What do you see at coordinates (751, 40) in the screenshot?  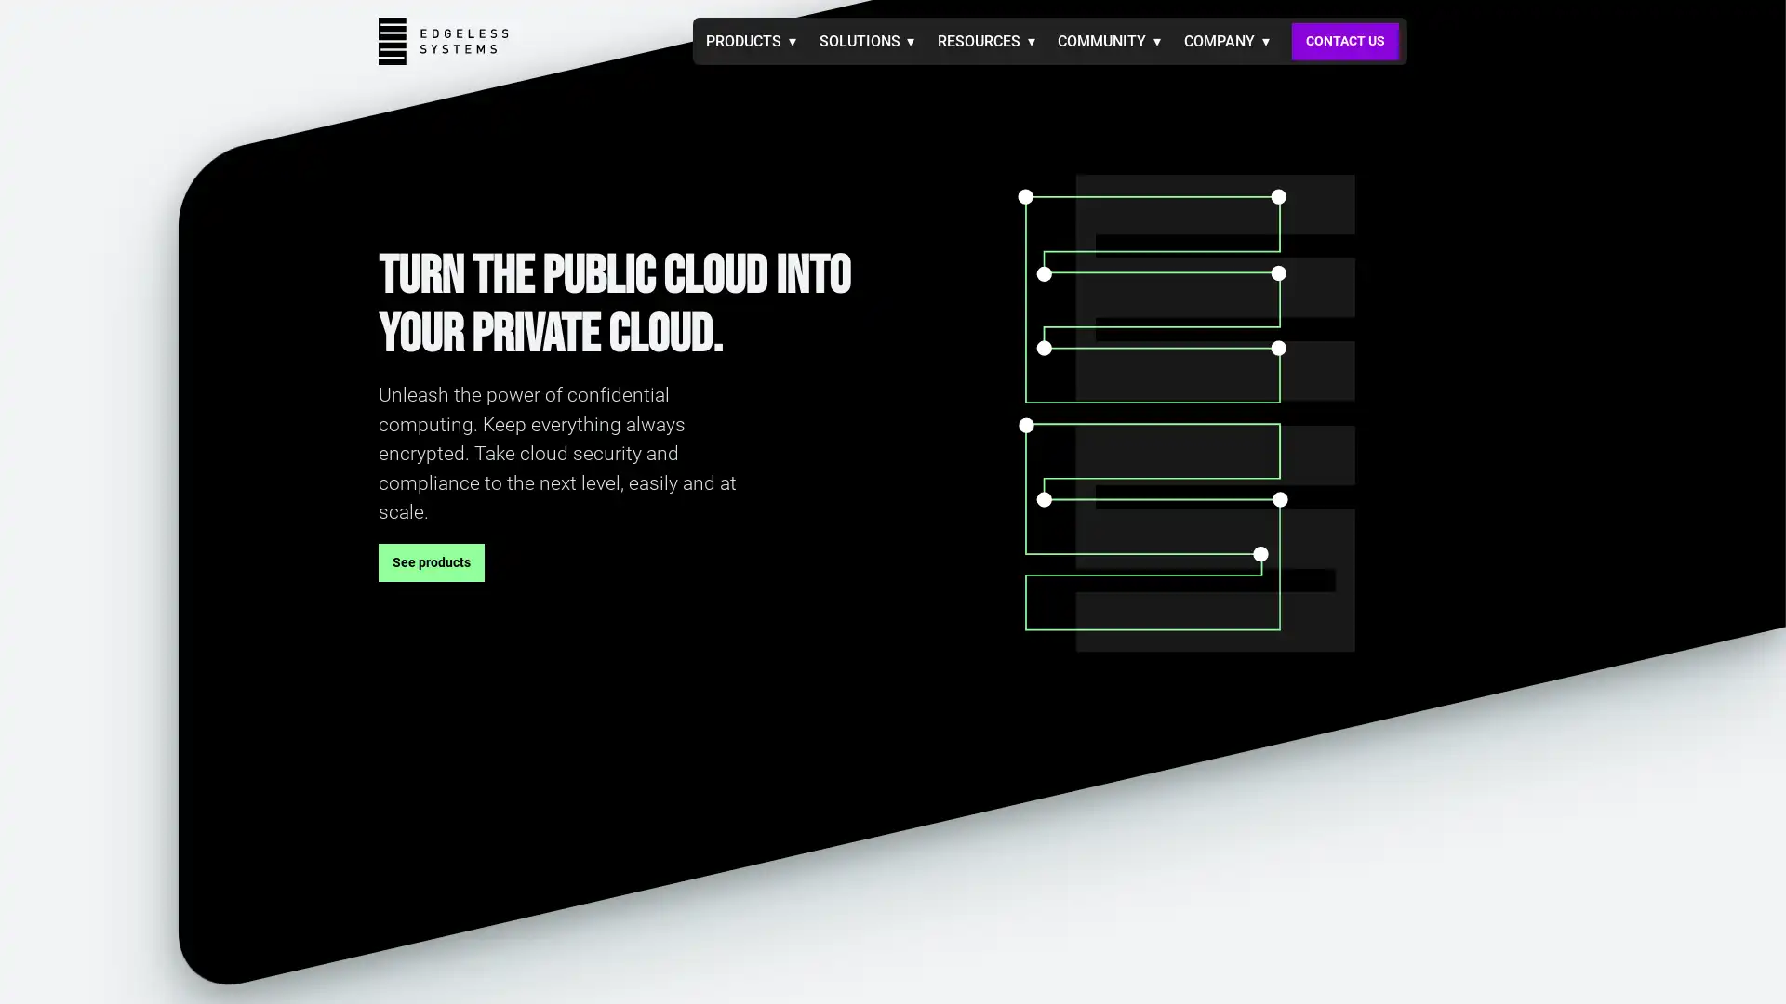 I see `PRODUCTS` at bounding box center [751, 40].